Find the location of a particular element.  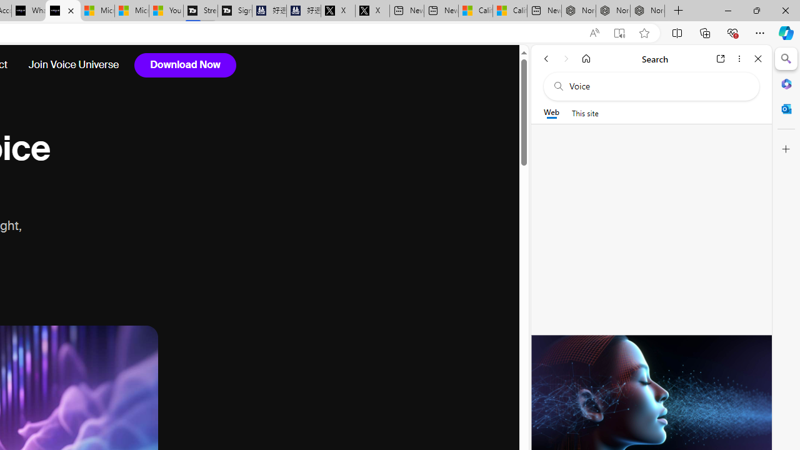

'Streaming Coverage | T3' is located at coordinates (201, 11).